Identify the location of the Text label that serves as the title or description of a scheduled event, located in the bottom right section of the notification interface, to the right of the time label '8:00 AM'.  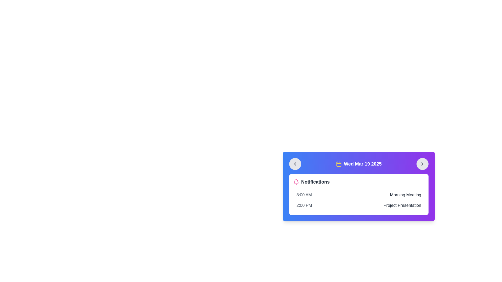
(405, 195).